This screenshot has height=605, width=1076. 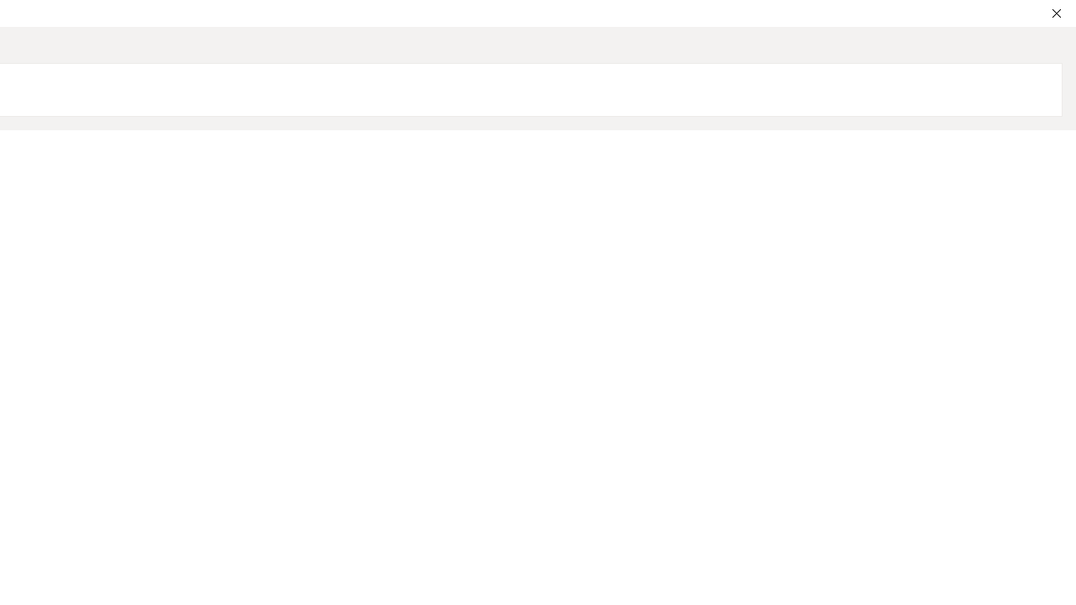 What do you see at coordinates (1055, 13) in the screenshot?
I see `'Close Add an account'` at bounding box center [1055, 13].